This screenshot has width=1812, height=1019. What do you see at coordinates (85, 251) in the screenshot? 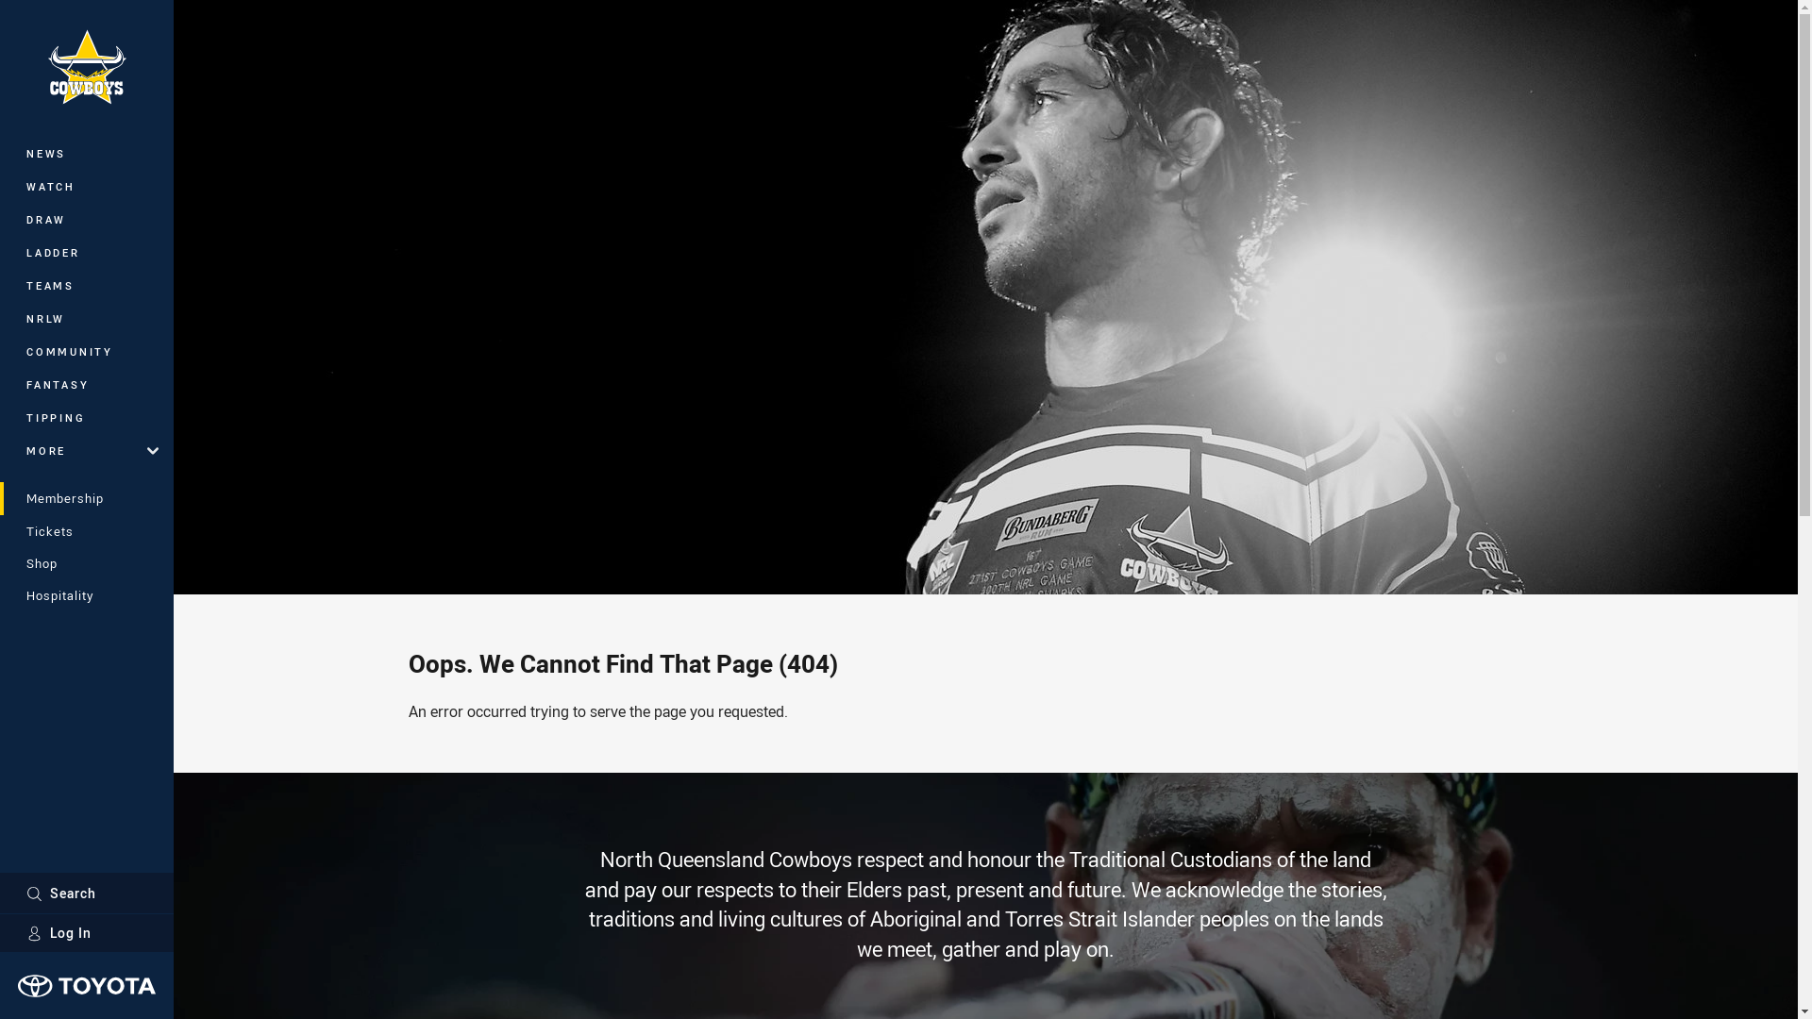
I see `'LADDER'` at bounding box center [85, 251].